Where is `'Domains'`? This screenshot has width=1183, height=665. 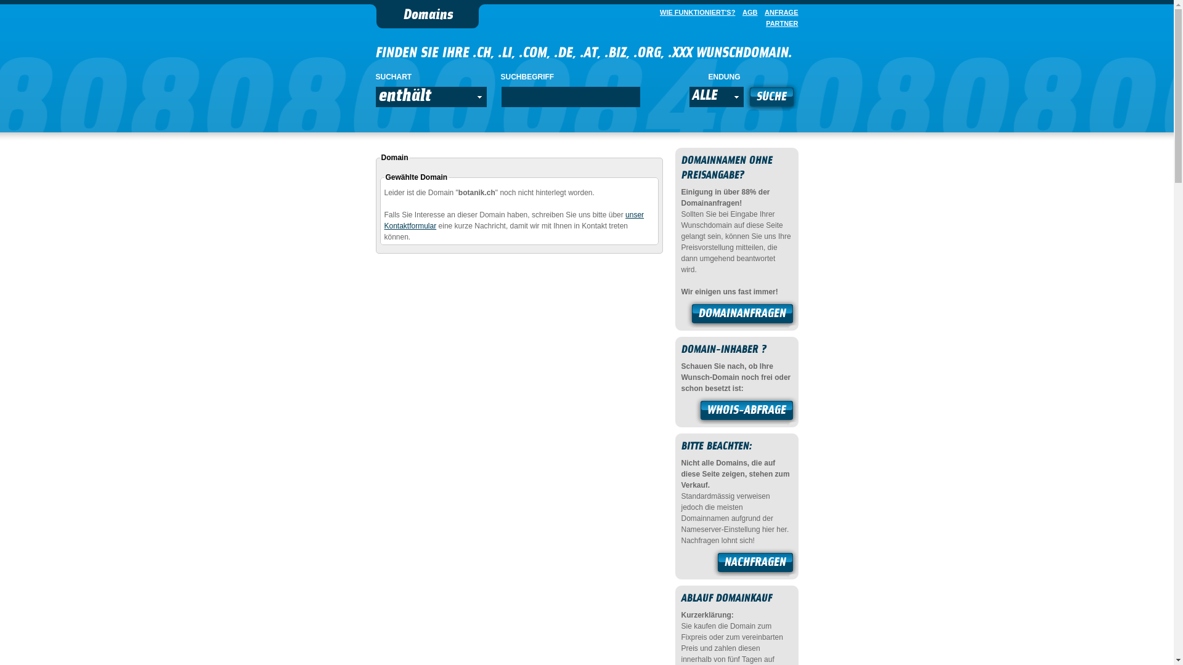 'Domains' is located at coordinates (428, 16).